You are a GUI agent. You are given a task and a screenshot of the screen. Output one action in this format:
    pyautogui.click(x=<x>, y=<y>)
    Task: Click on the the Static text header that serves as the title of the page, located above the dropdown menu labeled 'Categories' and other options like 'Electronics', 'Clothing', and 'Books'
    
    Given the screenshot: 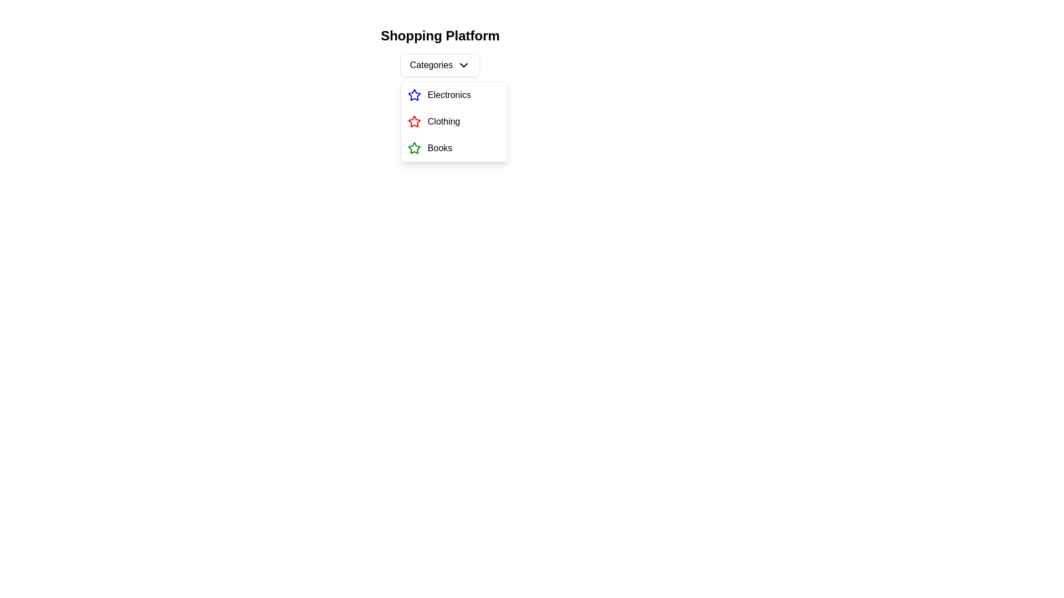 What is the action you would take?
    pyautogui.click(x=439, y=35)
    